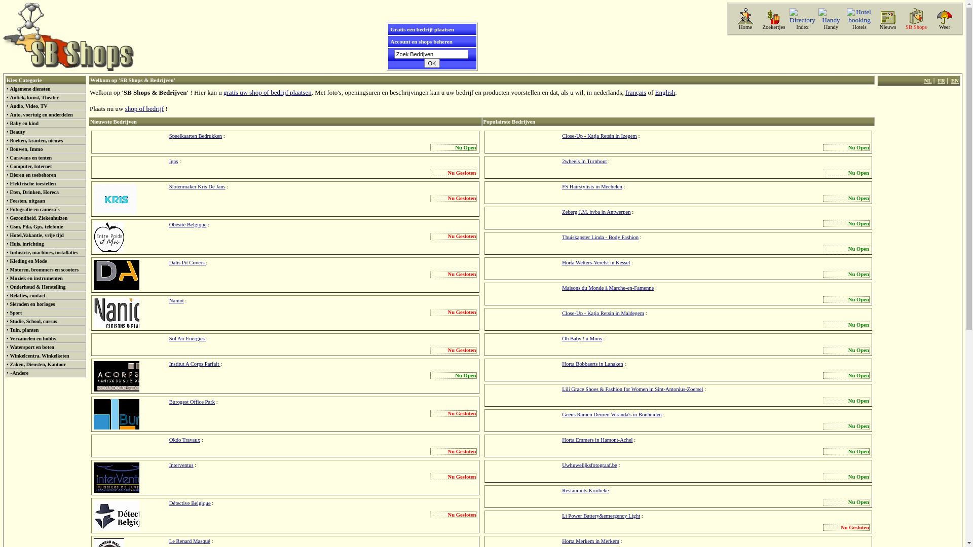  Describe the element at coordinates (195, 135) in the screenshot. I see `'Speelkaarten Bedrukken'` at that location.